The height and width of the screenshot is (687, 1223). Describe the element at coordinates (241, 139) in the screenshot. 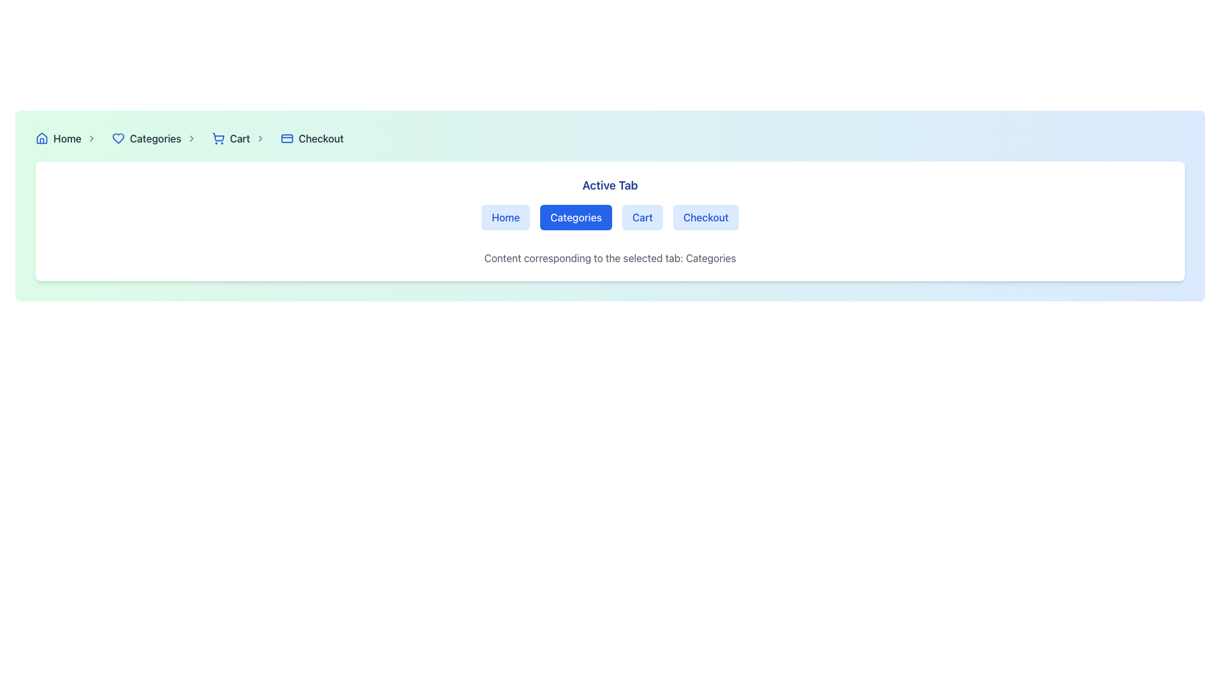

I see `the 'Cart' link with a blue shopping cart icon in the breadcrumb navigation bar` at that location.